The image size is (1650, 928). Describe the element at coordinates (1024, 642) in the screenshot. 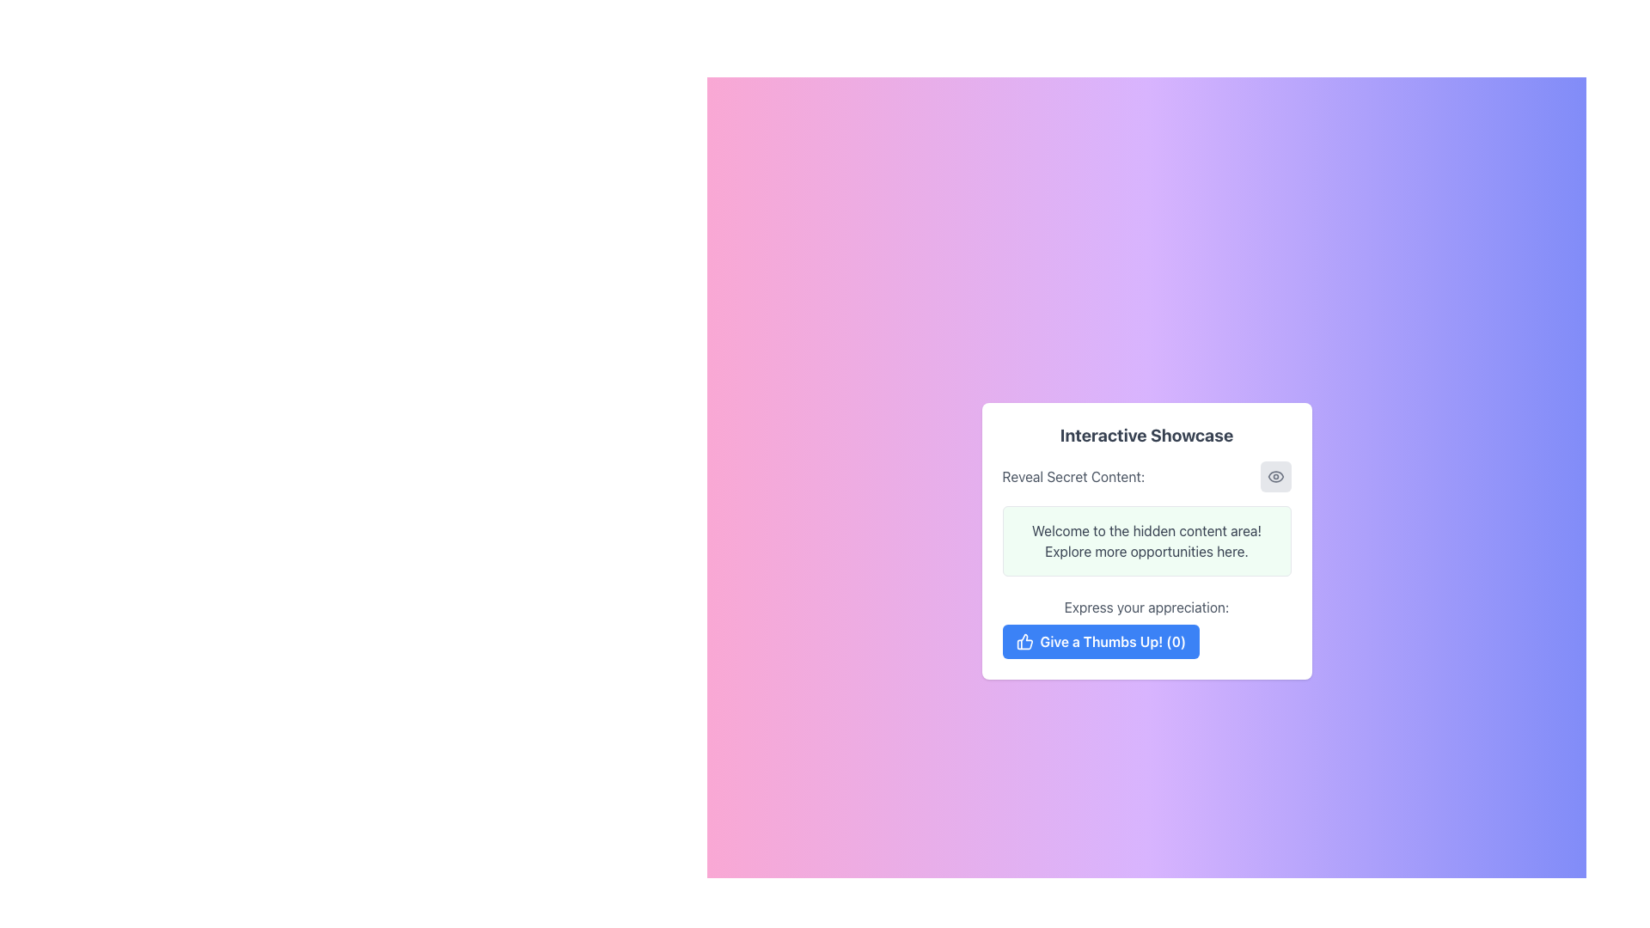

I see `the thumbs-up icon with a blue background and white outline, which is the leftmost component of the button labeled 'Give a Thumbs Up! (0)', located below the 'Express your appreciation:' text` at that location.